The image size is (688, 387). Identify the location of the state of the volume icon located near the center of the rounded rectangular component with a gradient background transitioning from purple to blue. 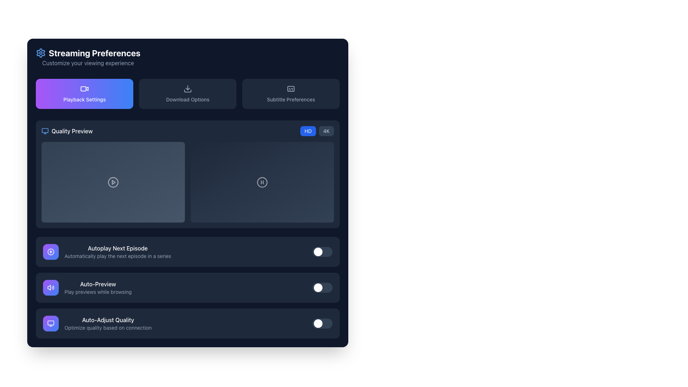
(51, 287).